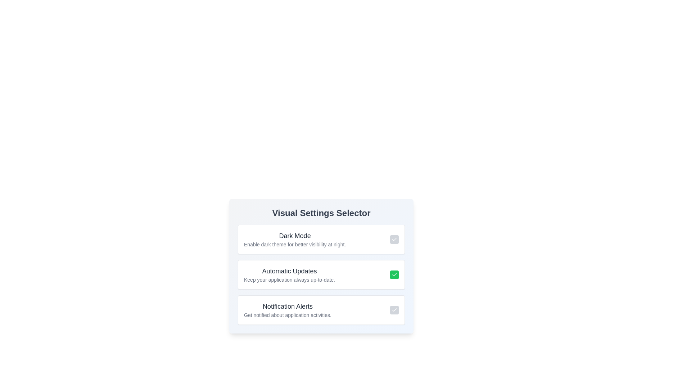 The width and height of the screenshot is (691, 389). What do you see at coordinates (287, 315) in the screenshot?
I see `the static text that reads 'Get notified about application activities.' positioned below the heading 'Notification Alerts' in the settings panel` at bounding box center [287, 315].